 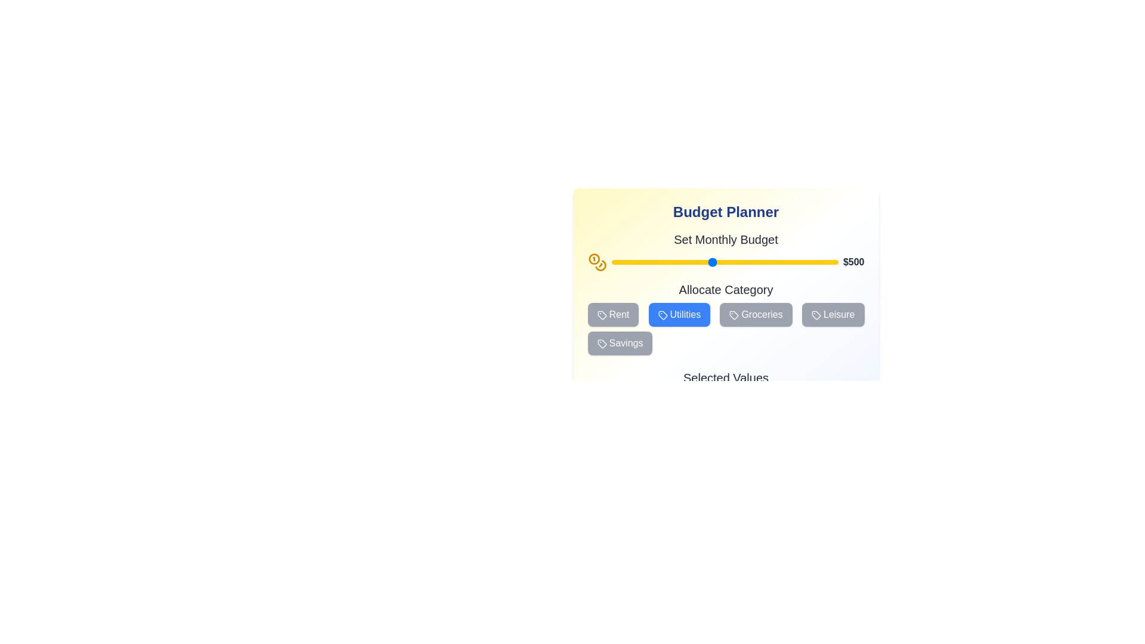 I want to click on the monthly budget, so click(x=612, y=261).